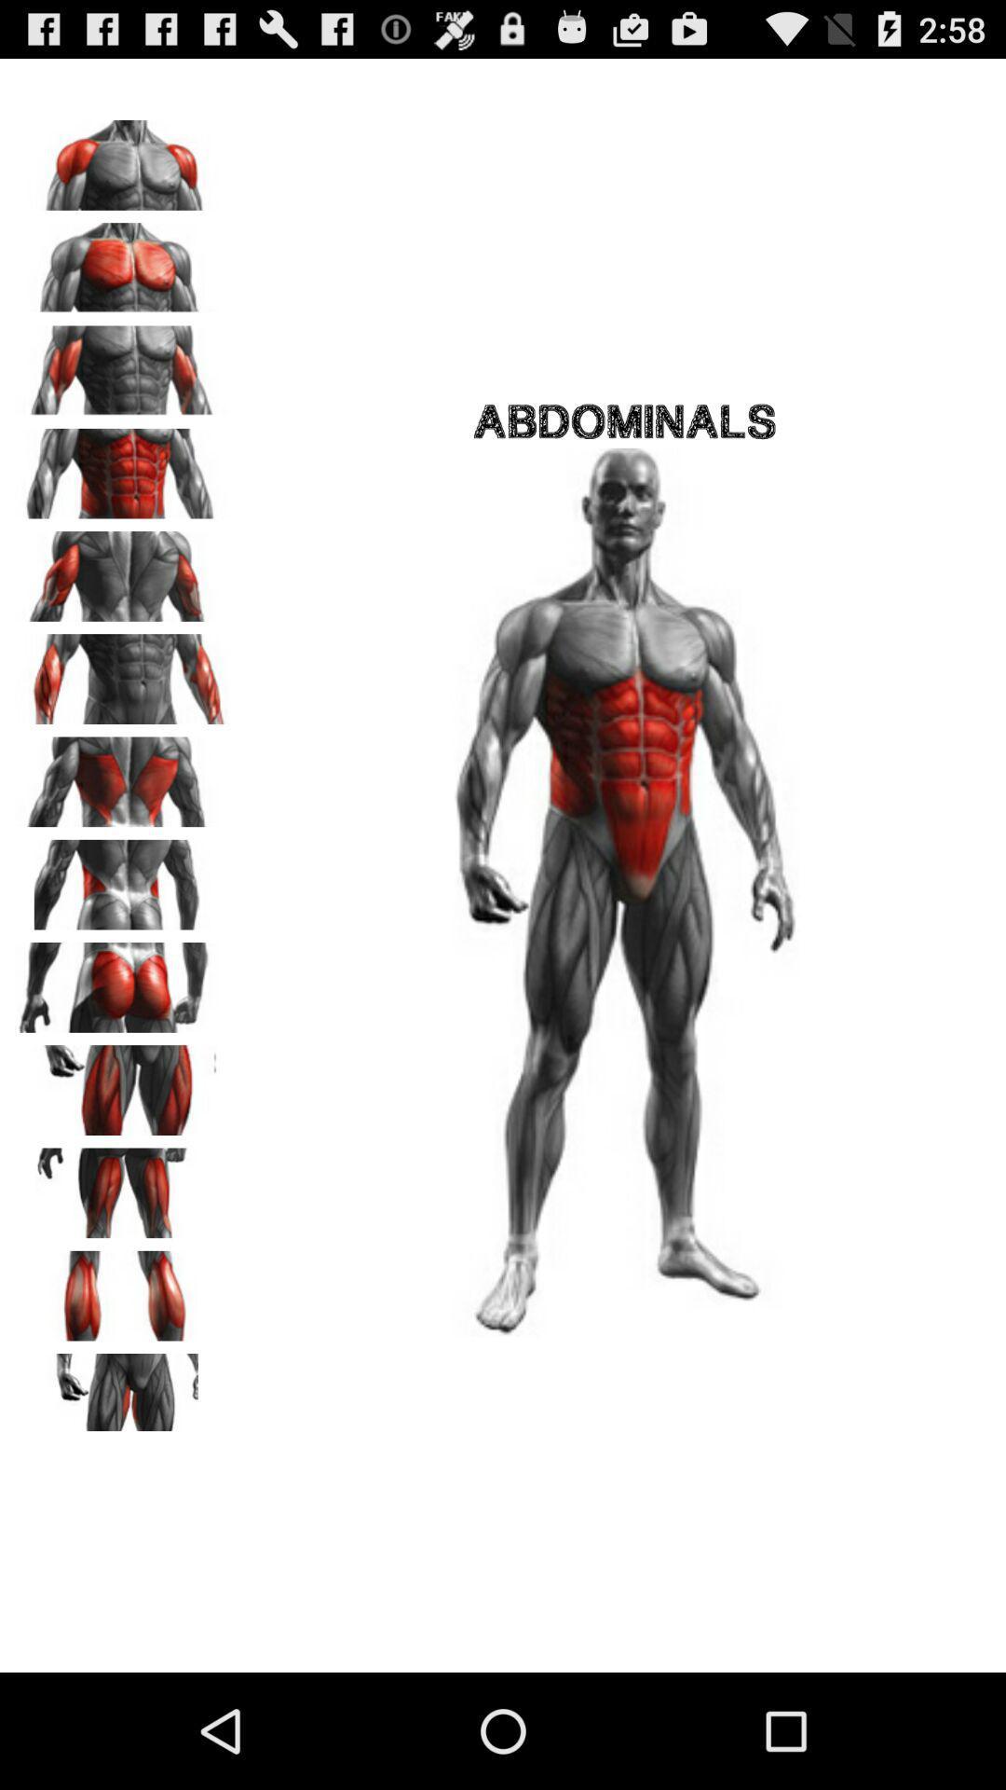 The width and height of the screenshot is (1006, 1790). What do you see at coordinates (122, 1186) in the screenshot?
I see `leg muscle group` at bounding box center [122, 1186].